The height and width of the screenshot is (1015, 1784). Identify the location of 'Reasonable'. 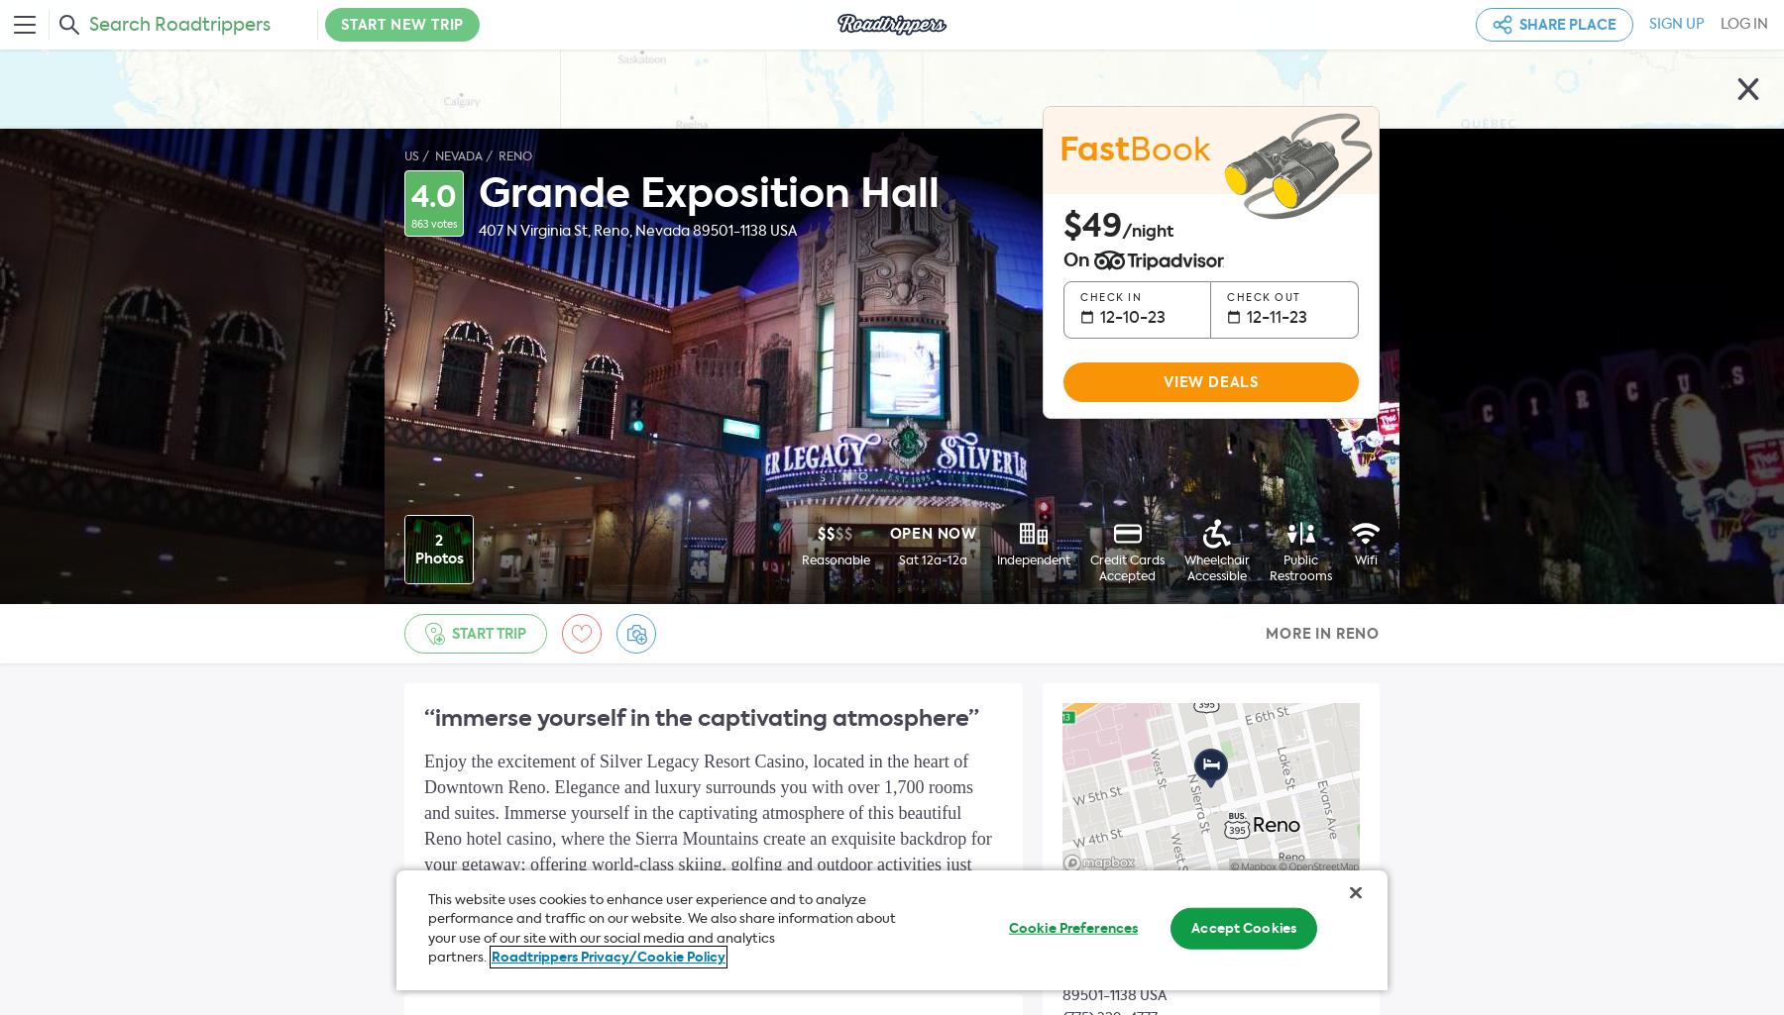
(835, 560).